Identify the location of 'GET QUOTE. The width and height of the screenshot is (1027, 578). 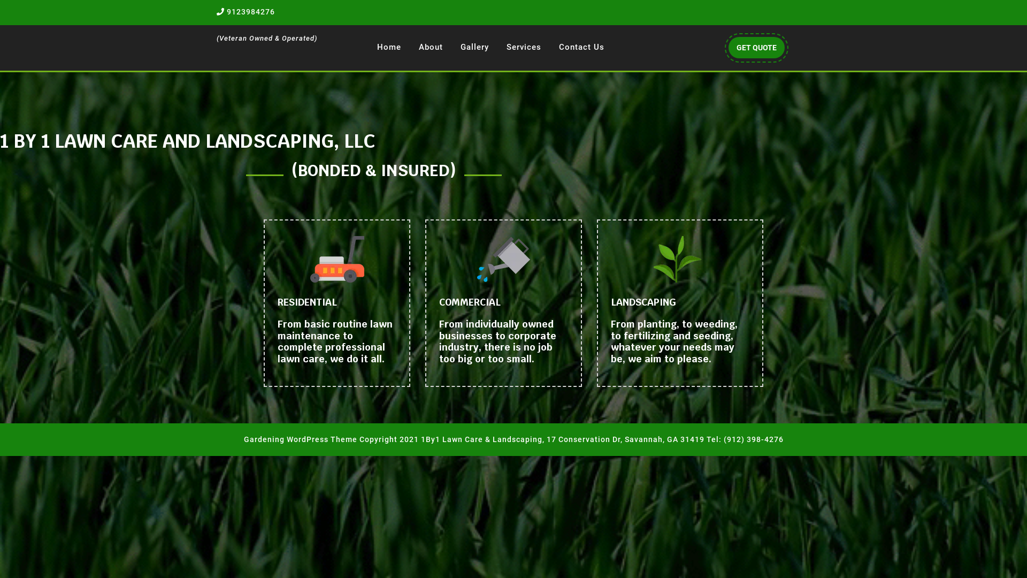
(756, 47).